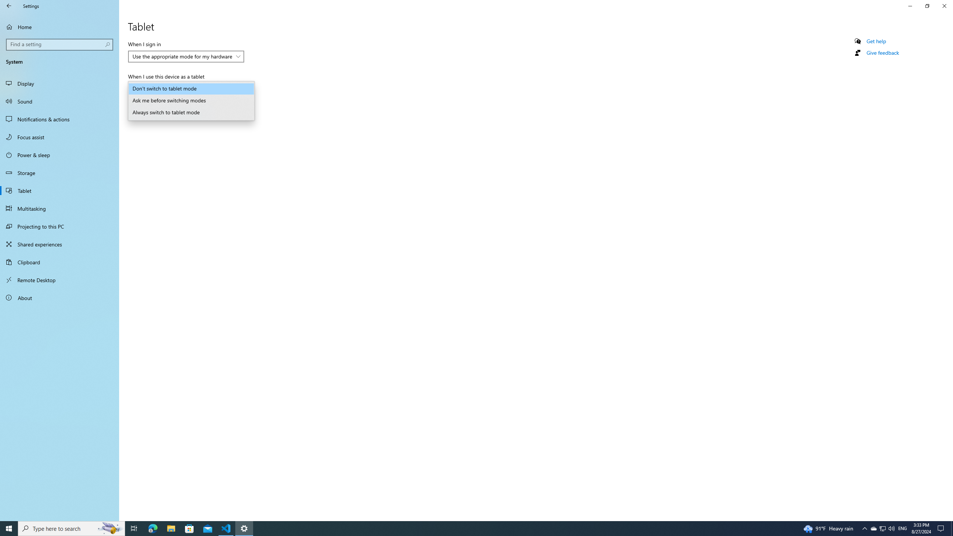 The height and width of the screenshot is (536, 953). Describe the element at coordinates (185, 56) in the screenshot. I see `'When I sign in'` at that location.